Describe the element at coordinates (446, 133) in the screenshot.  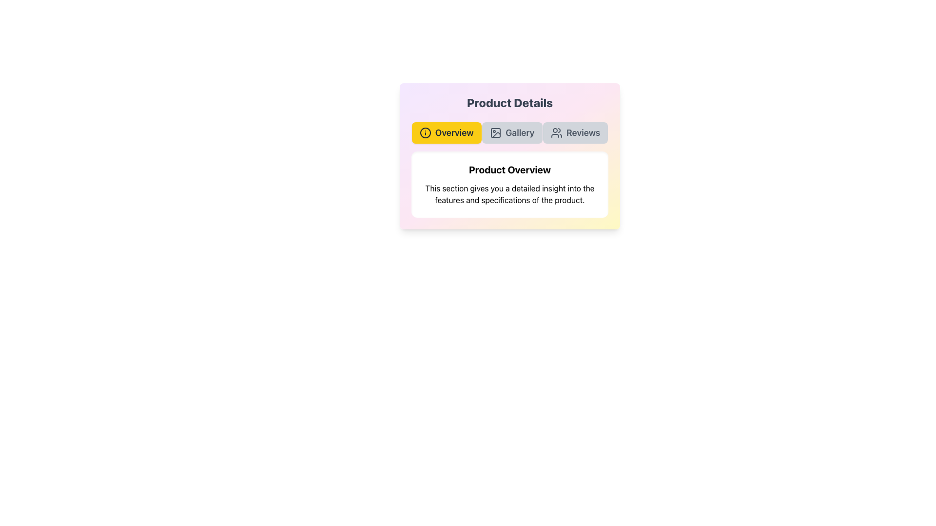
I see `the 'Overview' button for keyboard navigation` at that location.